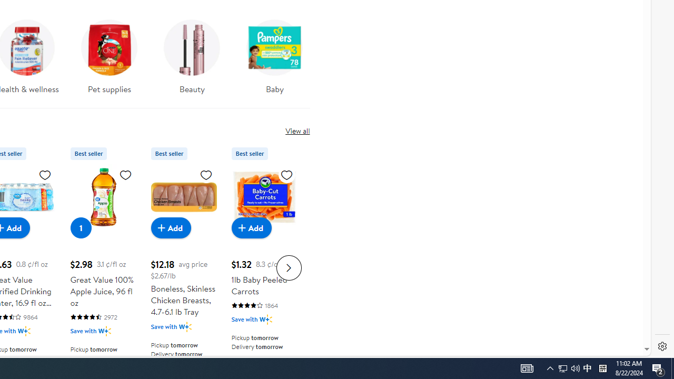  What do you see at coordinates (110, 60) in the screenshot?
I see `'Pet supplies'` at bounding box center [110, 60].